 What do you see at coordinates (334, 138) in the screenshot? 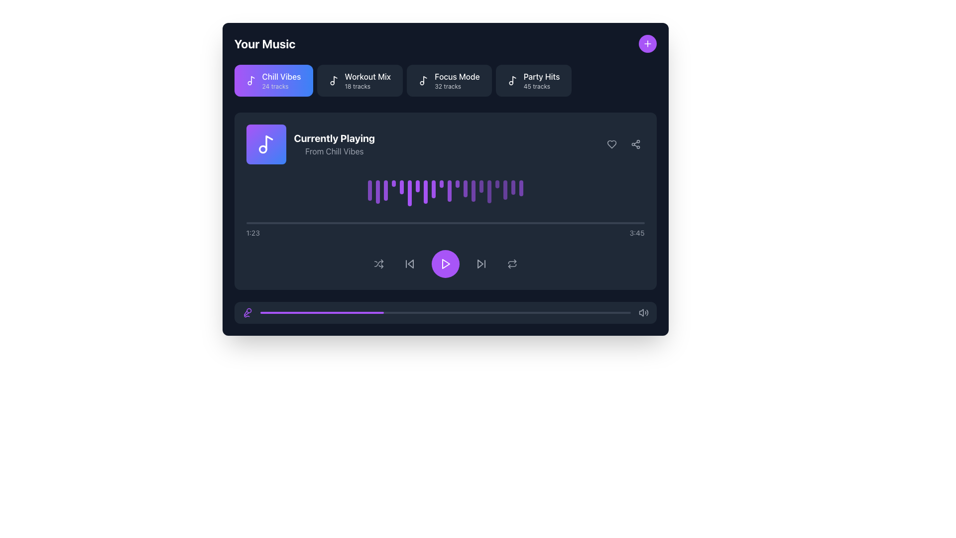
I see `text of the Label indicating the currently playing track, which is centrally located above the 'From Chill Vibes' label` at bounding box center [334, 138].